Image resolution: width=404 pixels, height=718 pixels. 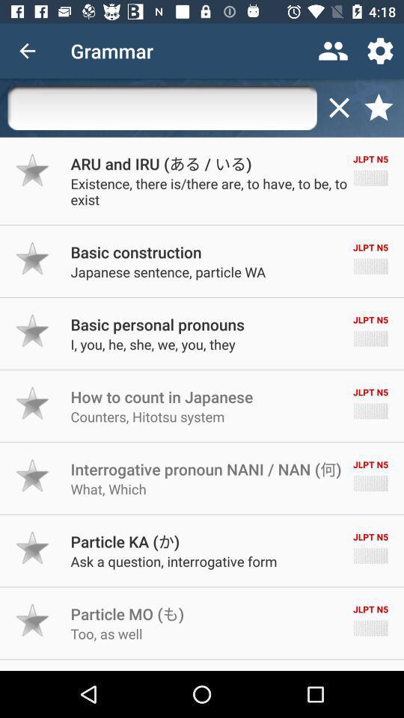 What do you see at coordinates (33, 475) in the screenshot?
I see `to favorite` at bounding box center [33, 475].